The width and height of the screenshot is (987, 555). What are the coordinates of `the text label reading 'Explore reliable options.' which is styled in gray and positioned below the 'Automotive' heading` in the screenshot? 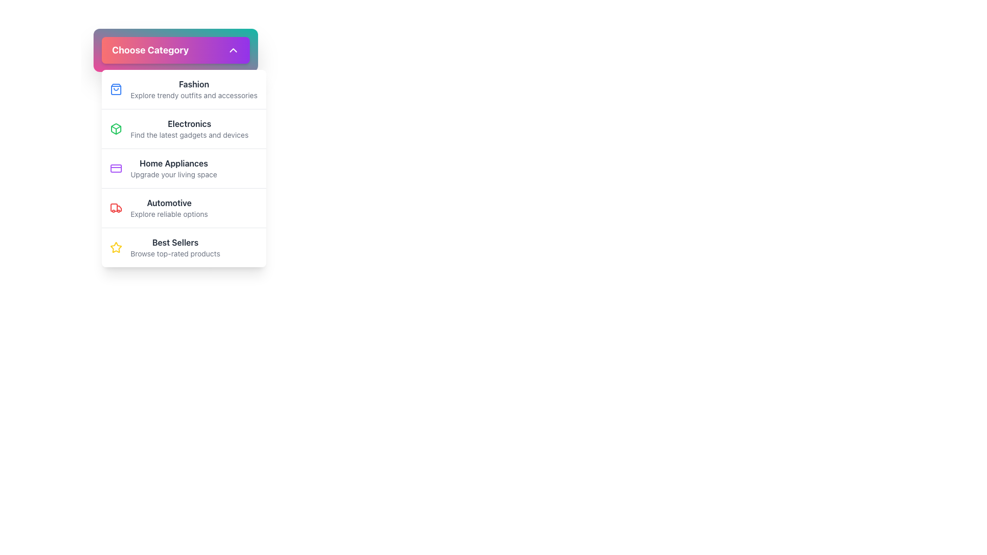 It's located at (169, 213).